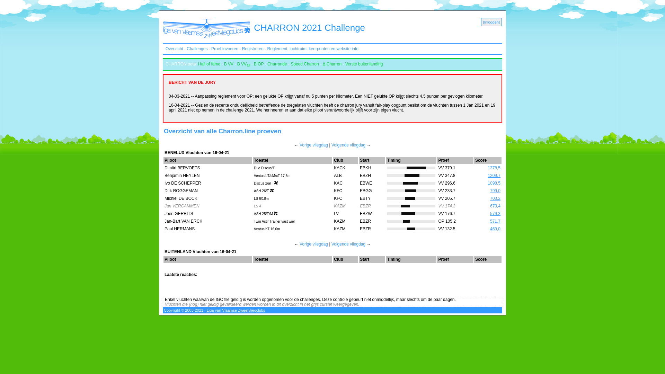  Describe the element at coordinates (224, 48) in the screenshot. I see `'Proef invoeren'` at that location.